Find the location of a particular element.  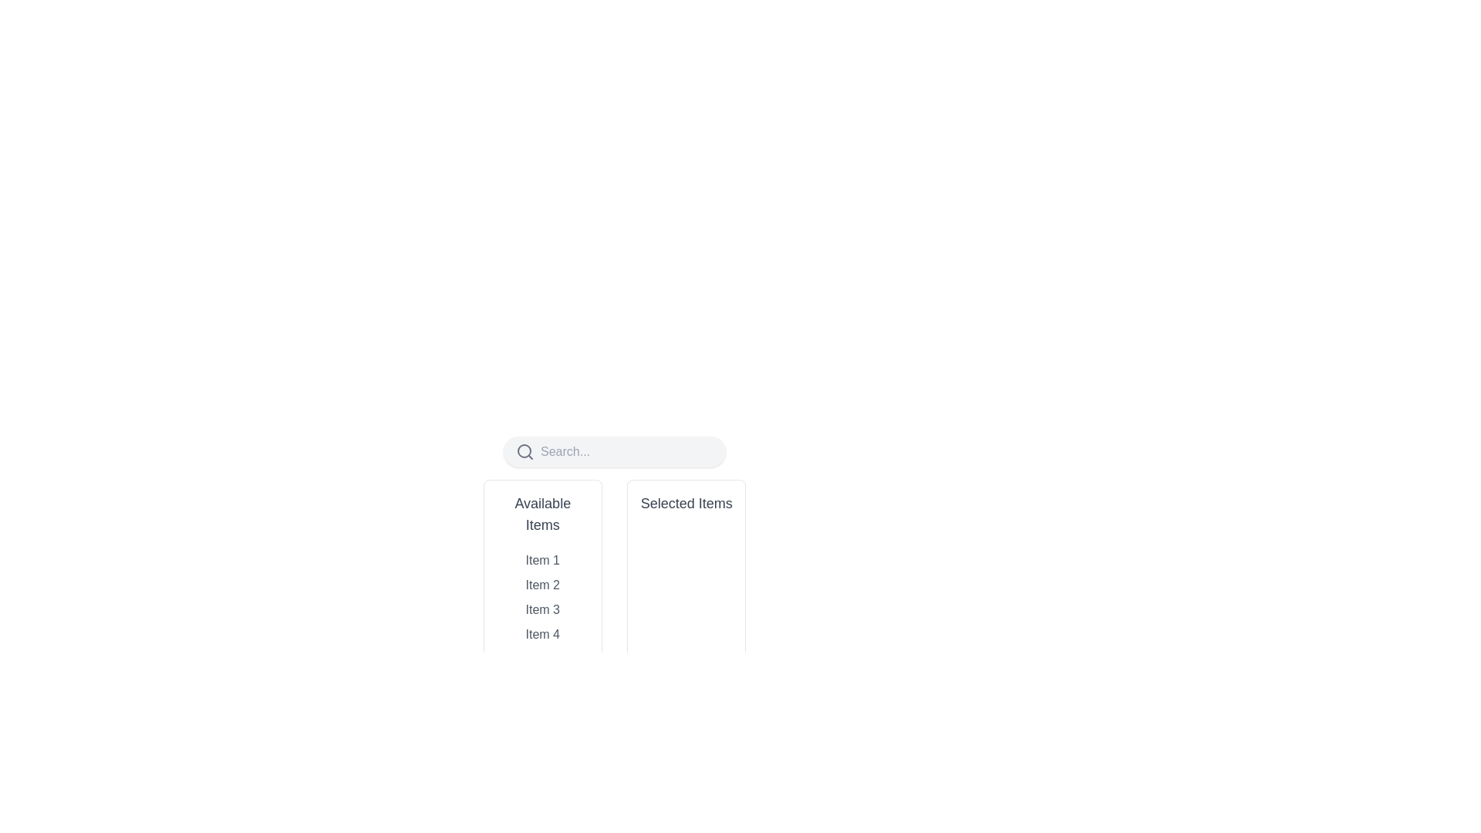

the first row item displaying 'Item 1' in the 'Available Items' column is located at coordinates (542, 560).